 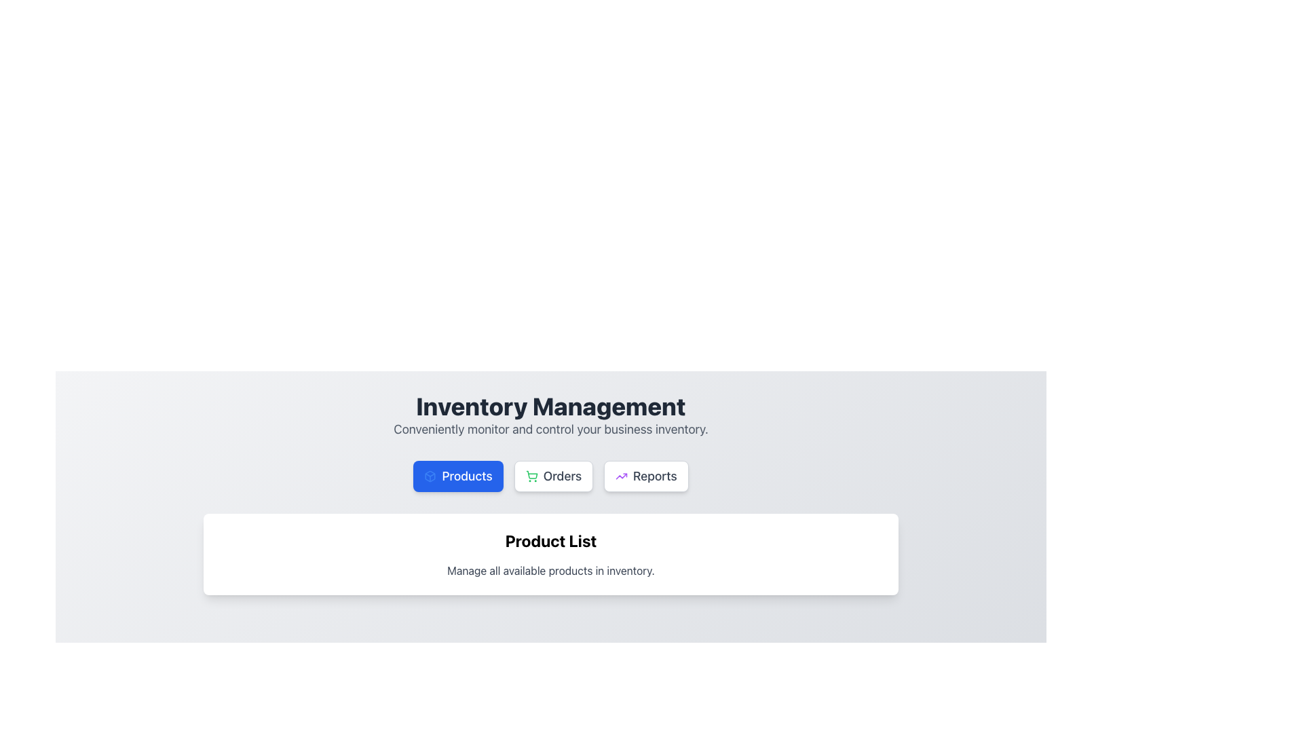 What do you see at coordinates (553, 476) in the screenshot?
I see `the 'Orders' button, which has a white background, gray text, and a green shopping cart icon, located in the navigation bar between 'Products' and 'Reports'` at bounding box center [553, 476].